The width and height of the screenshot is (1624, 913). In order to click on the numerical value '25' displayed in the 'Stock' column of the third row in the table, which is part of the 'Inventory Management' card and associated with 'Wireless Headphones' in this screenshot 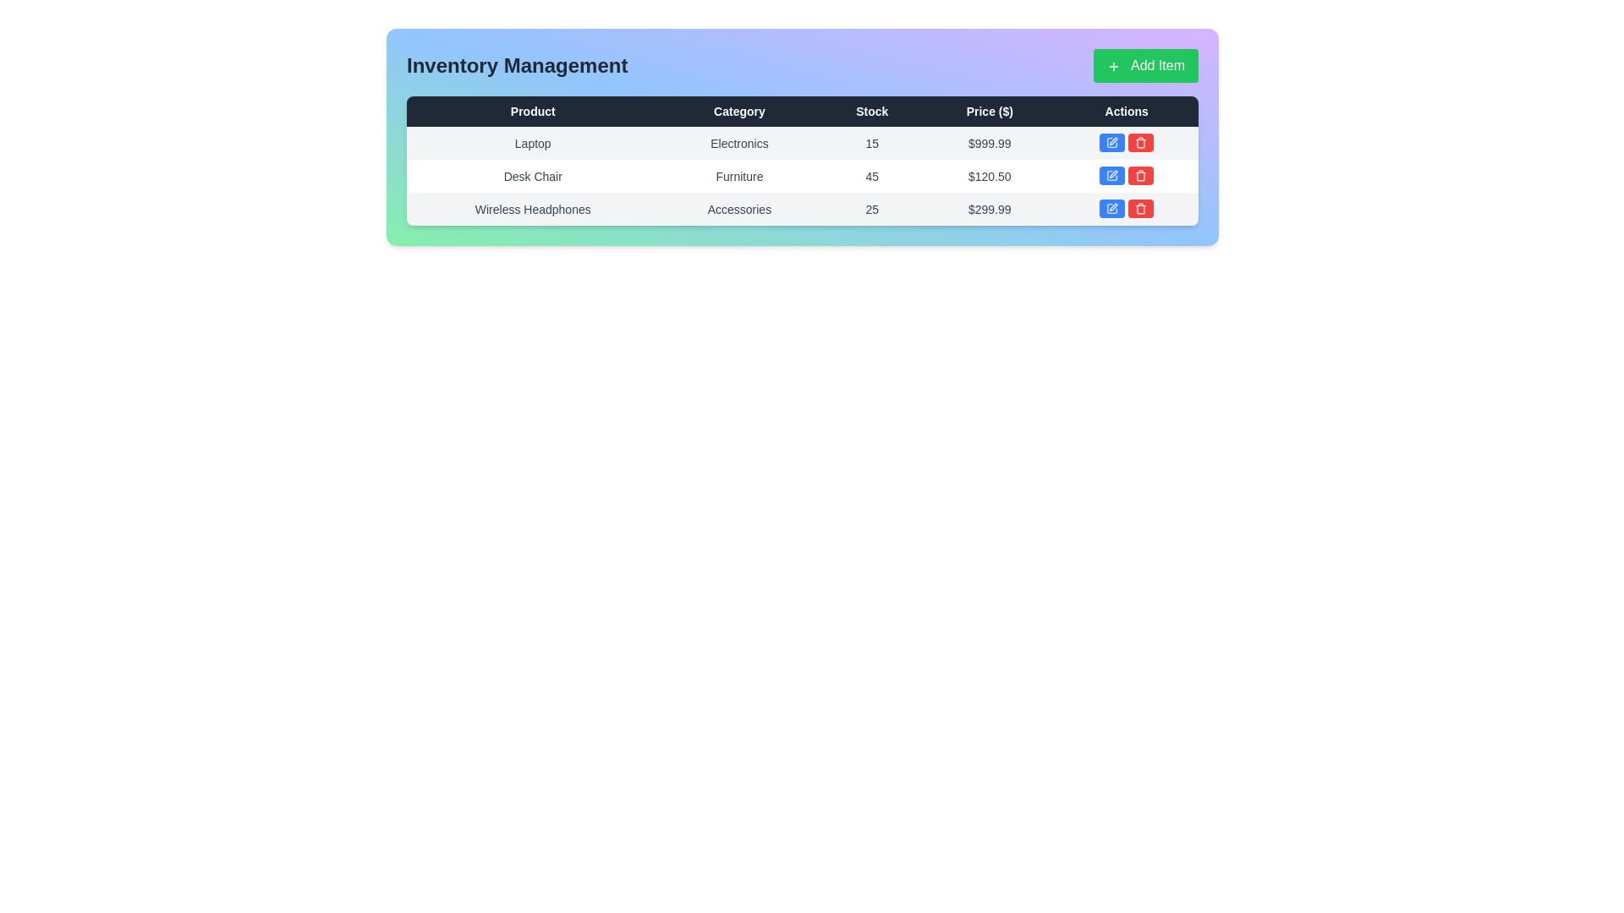, I will do `click(872, 208)`.